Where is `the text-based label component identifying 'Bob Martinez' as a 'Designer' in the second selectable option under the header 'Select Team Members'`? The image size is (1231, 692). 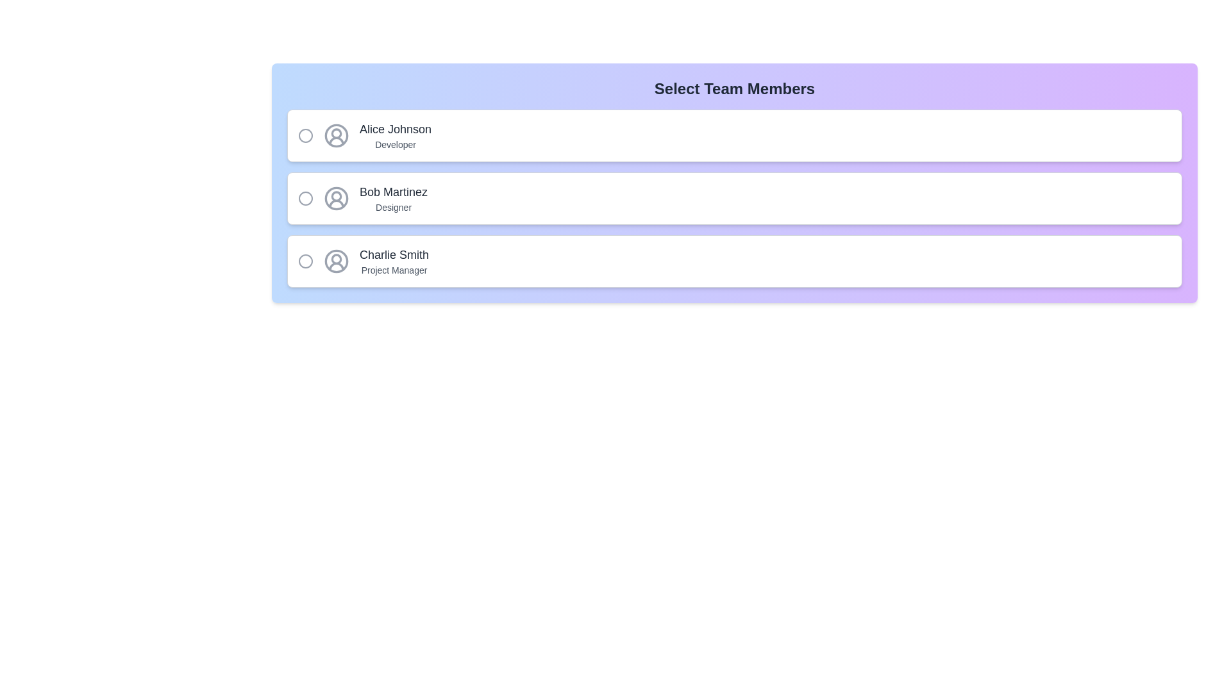 the text-based label component identifying 'Bob Martinez' as a 'Designer' in the second selectable option under the header 'Select Team Members' is located at coordinates (393, 198).